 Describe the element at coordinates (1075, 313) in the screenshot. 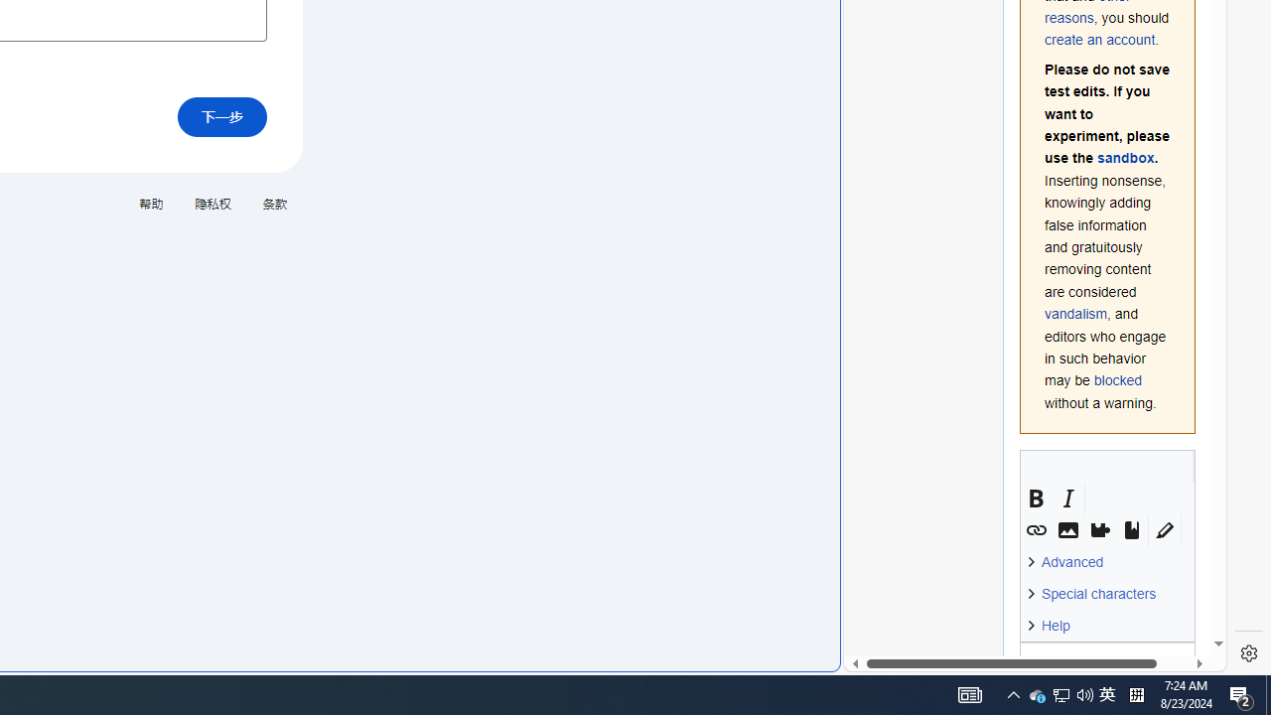

I see `'vandalism'` at that location.